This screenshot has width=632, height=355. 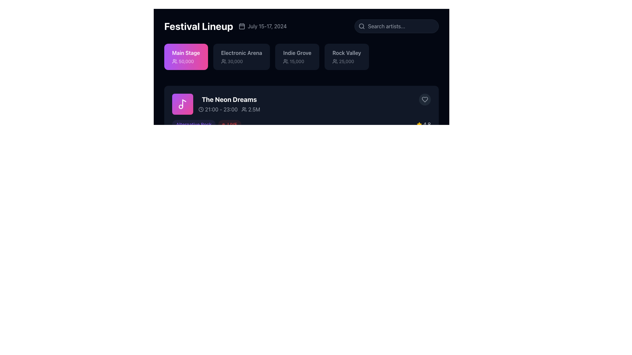 I want to click on the Display Text Block that provides information about an event, including its title, schedule, and estimated audience size, so click(x=229, y=104).